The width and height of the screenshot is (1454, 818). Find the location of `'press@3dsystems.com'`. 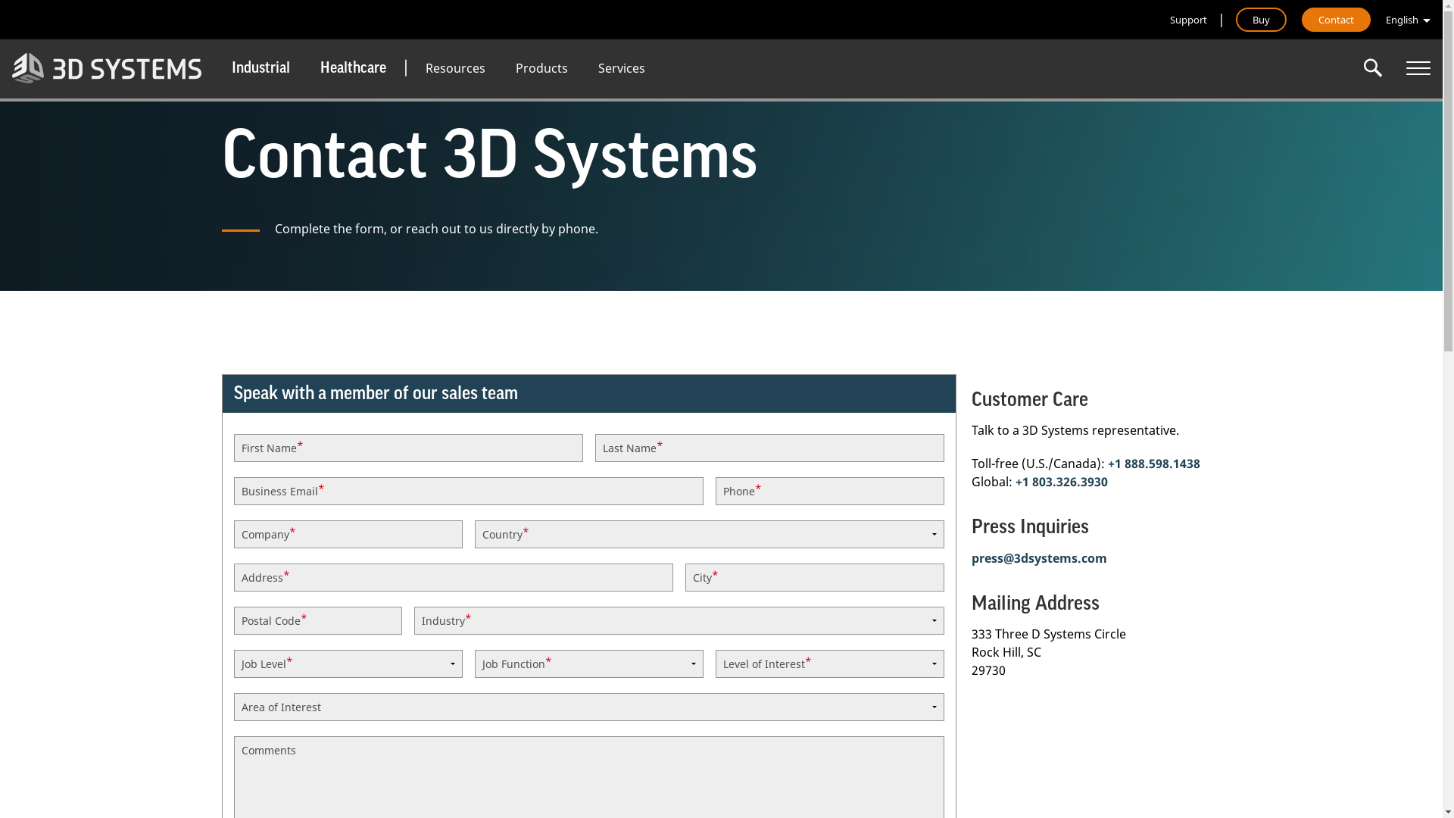

'press@3dsystems.com' is located at coordinates (1037, 557).